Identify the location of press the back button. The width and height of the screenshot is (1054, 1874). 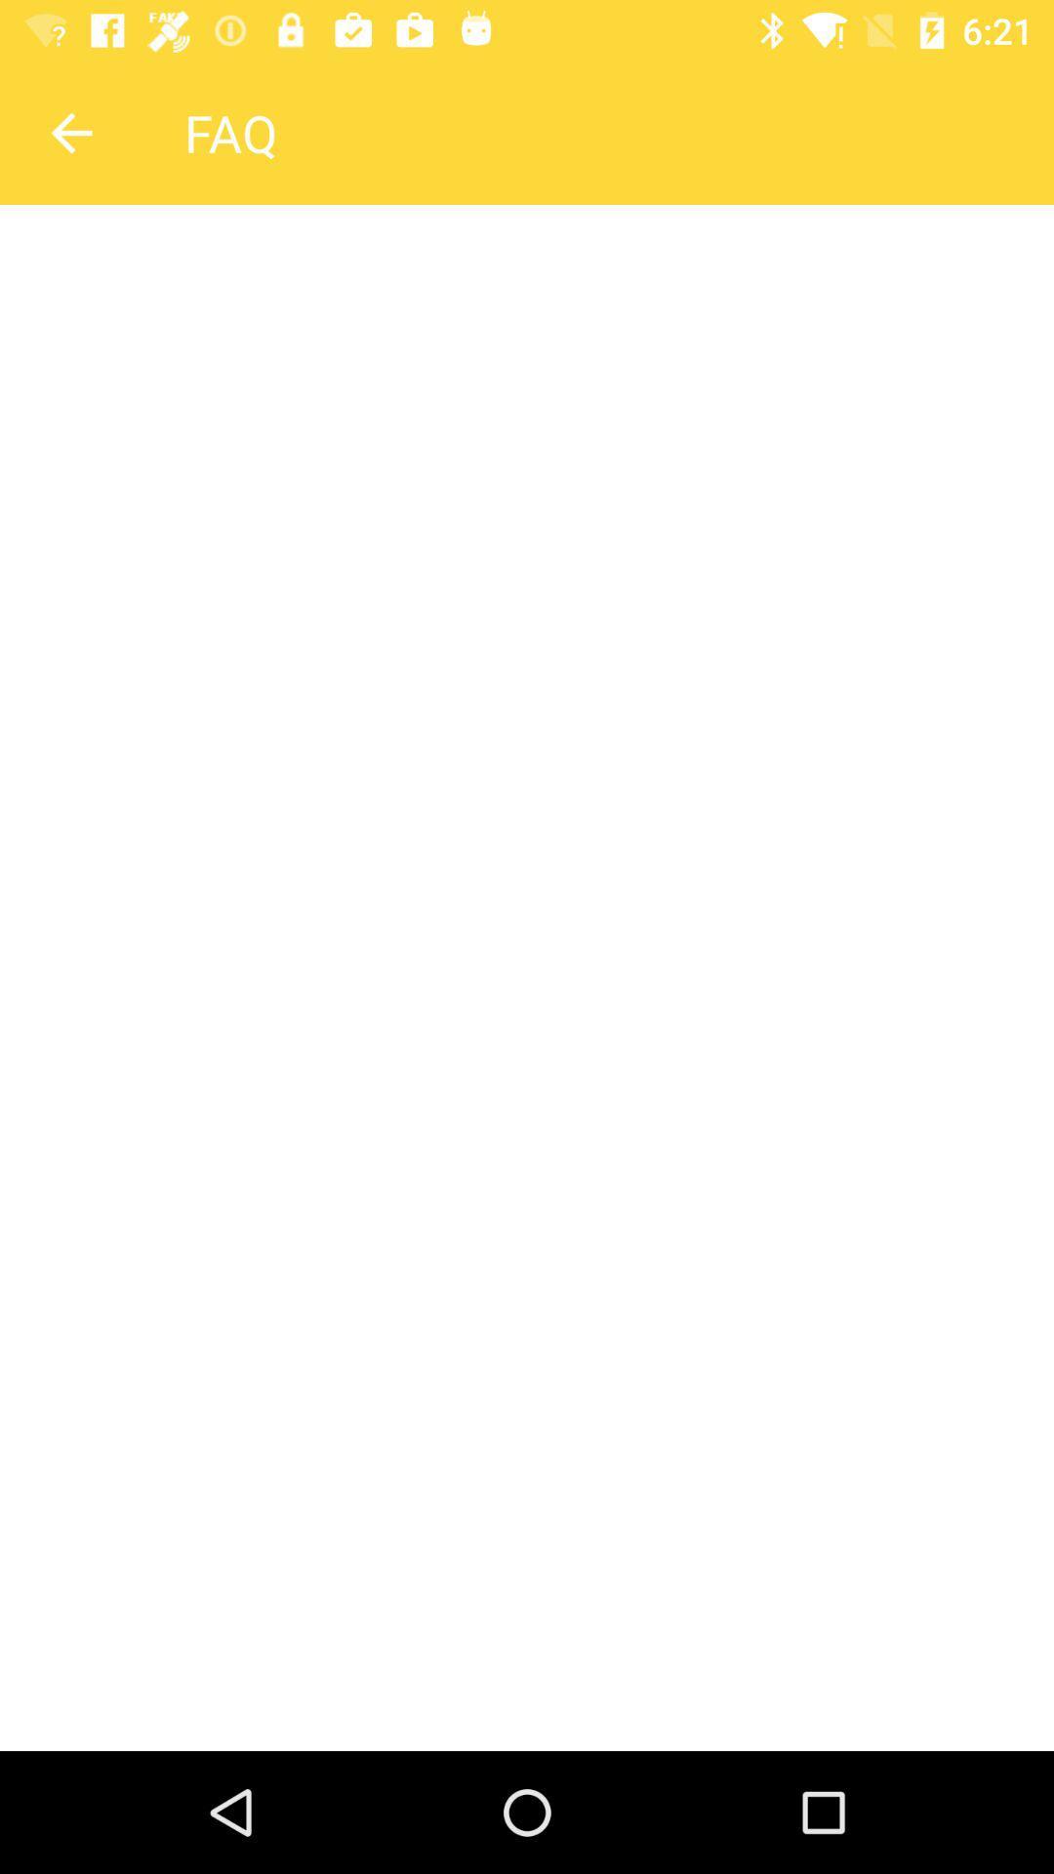
(70, 132).